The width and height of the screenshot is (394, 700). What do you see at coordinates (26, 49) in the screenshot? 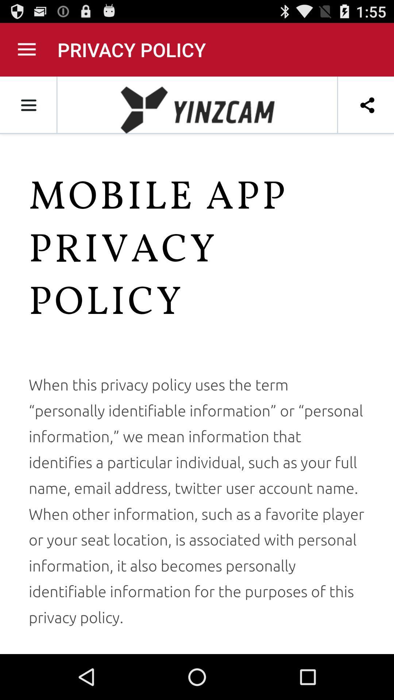
I see `menu page` at bounding box center [26, 49].